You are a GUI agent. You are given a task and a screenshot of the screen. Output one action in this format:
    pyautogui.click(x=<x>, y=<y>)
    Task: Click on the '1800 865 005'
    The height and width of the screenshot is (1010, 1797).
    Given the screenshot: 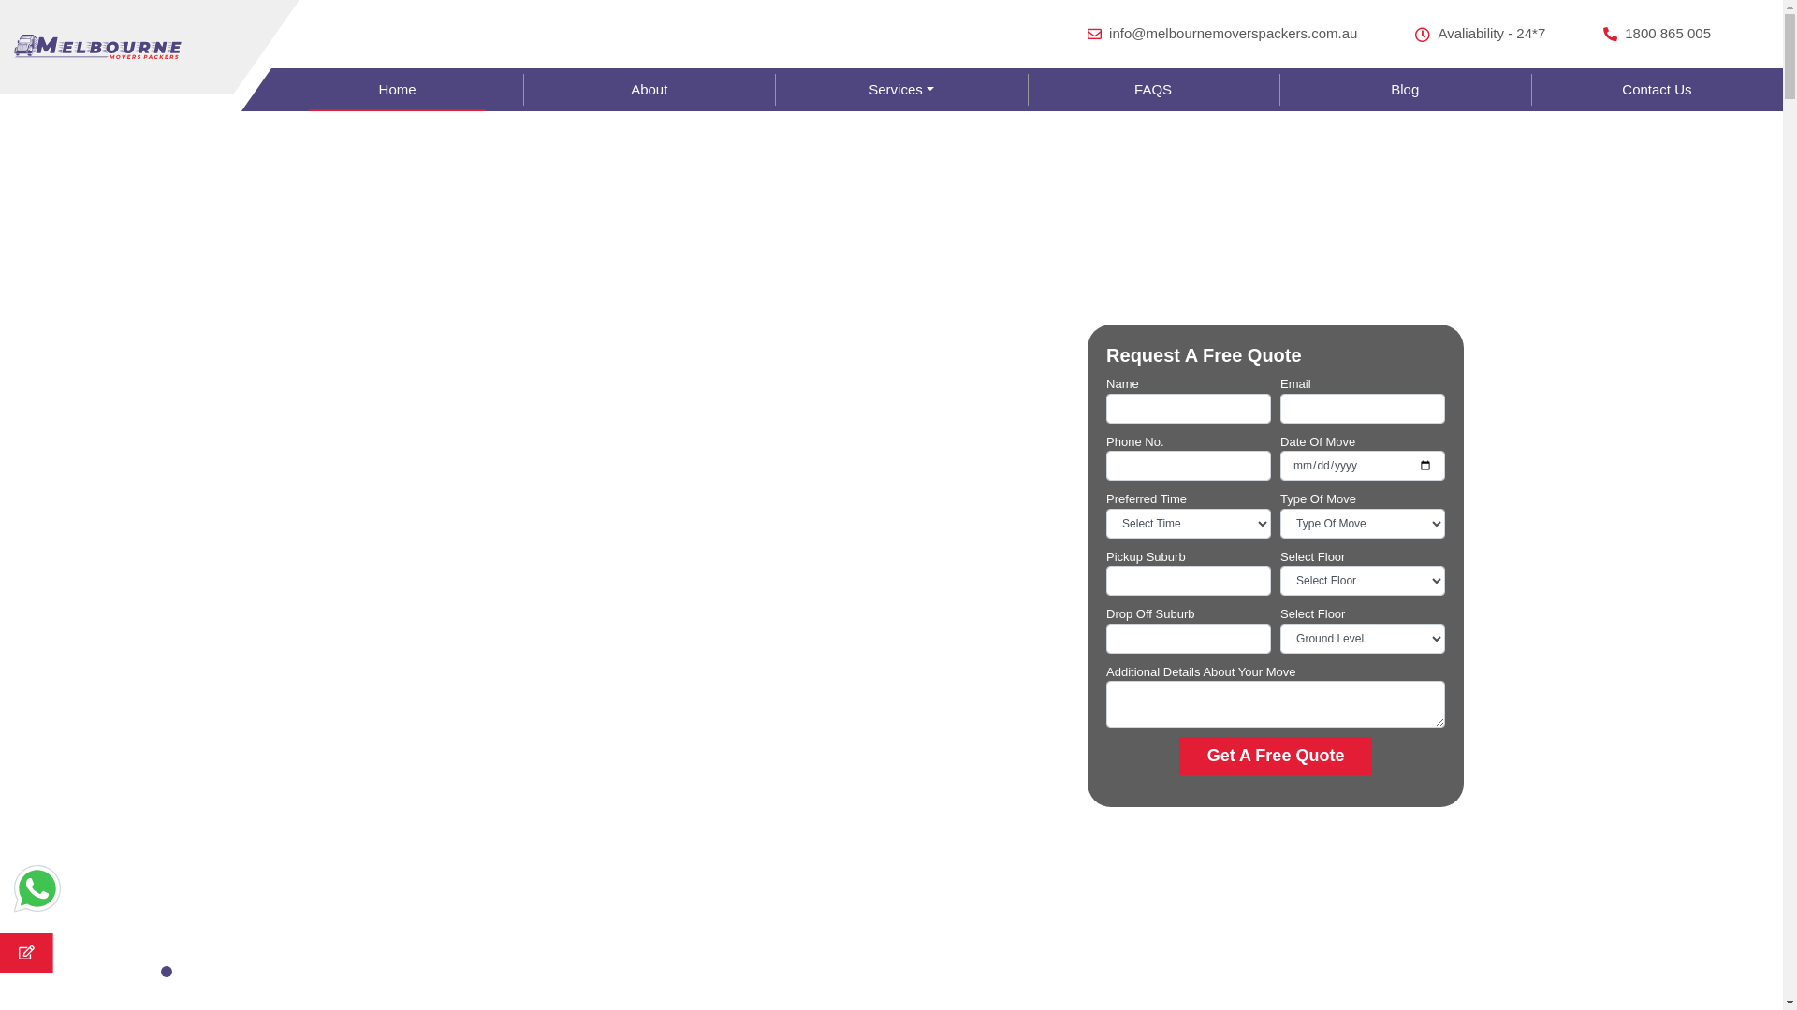 What is the action you would take?
    pyautogui.click(x=1602, y=34)
    